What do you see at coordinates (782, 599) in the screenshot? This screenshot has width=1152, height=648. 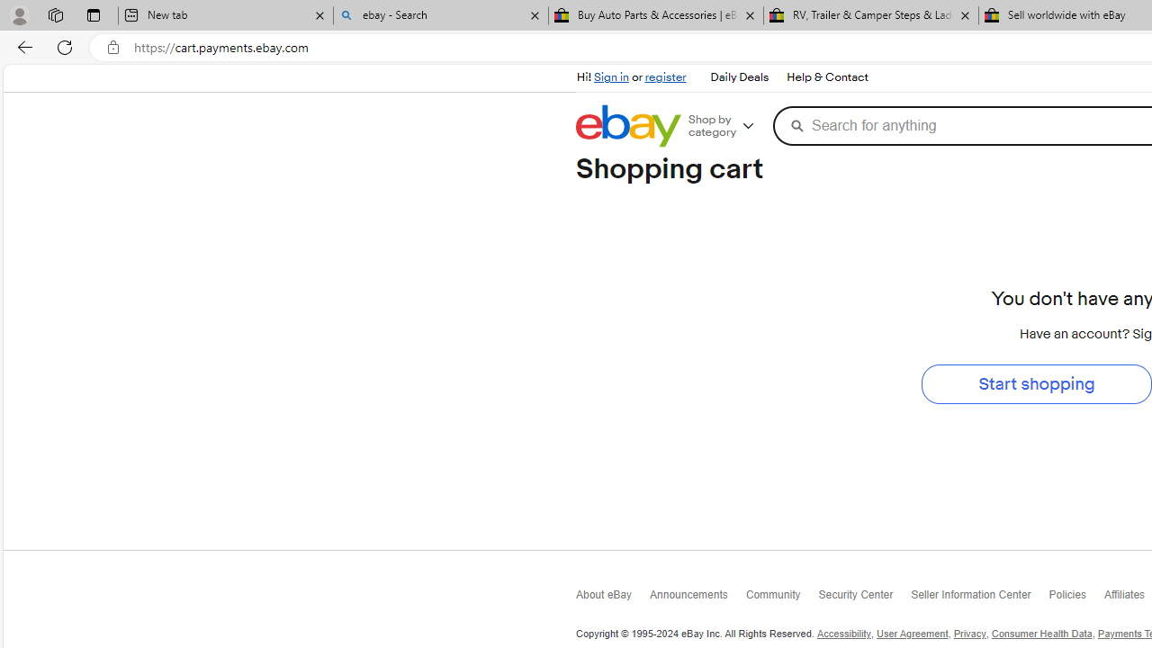 I see `'Community'` at bounding box center [782, 599].